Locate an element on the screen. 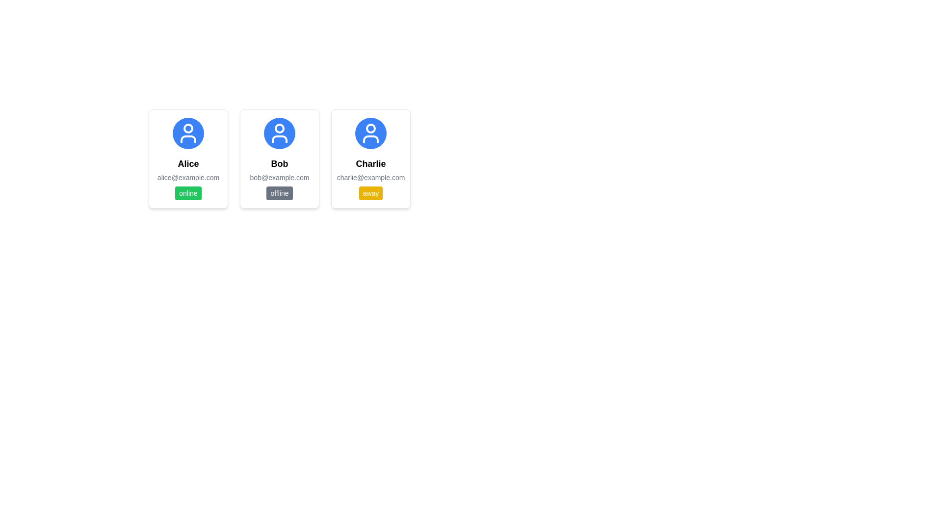 This screenshot has width=942, height=530. the icon button that serves as a visual representation for user-related content, located centrally above the text 'Bob' in the UI card is located at coordinates (279, 133).